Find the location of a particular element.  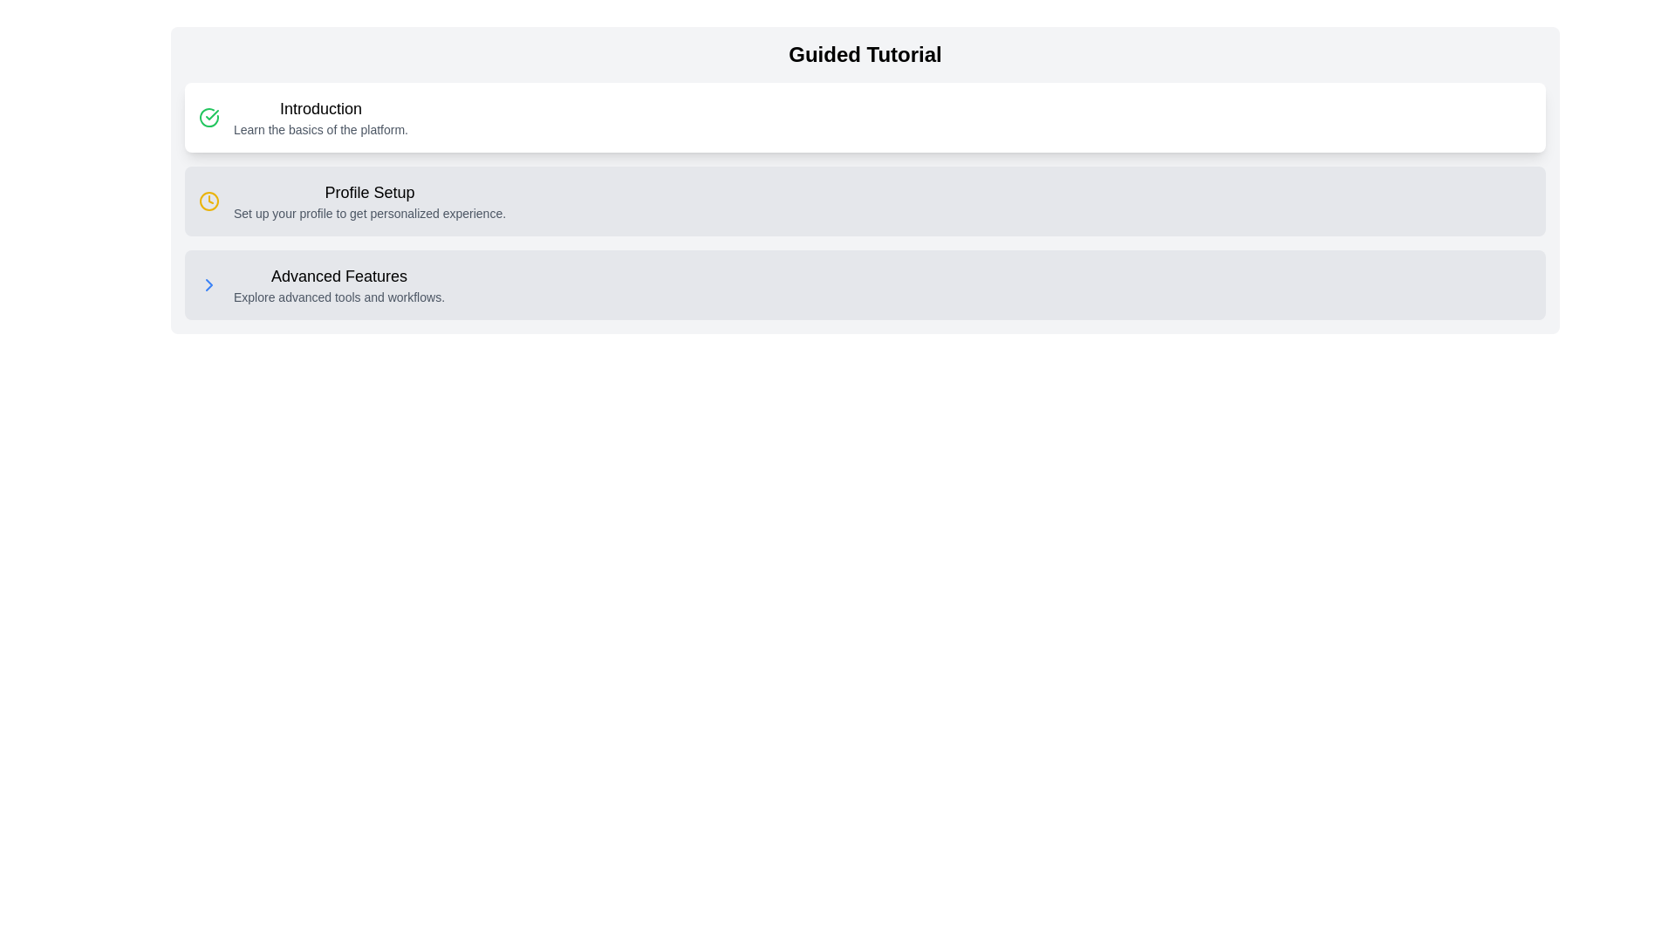

the Clickable Card or Button labeled 'Advanced Features' with a light gray background located in the bottom section of the tutorial steps is located at coordinates (865, 284).